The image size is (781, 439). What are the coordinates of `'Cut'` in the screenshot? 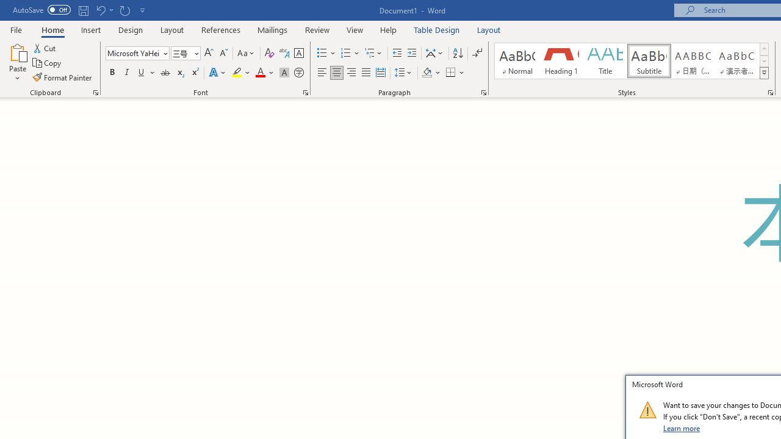 It's located at (45, 48).